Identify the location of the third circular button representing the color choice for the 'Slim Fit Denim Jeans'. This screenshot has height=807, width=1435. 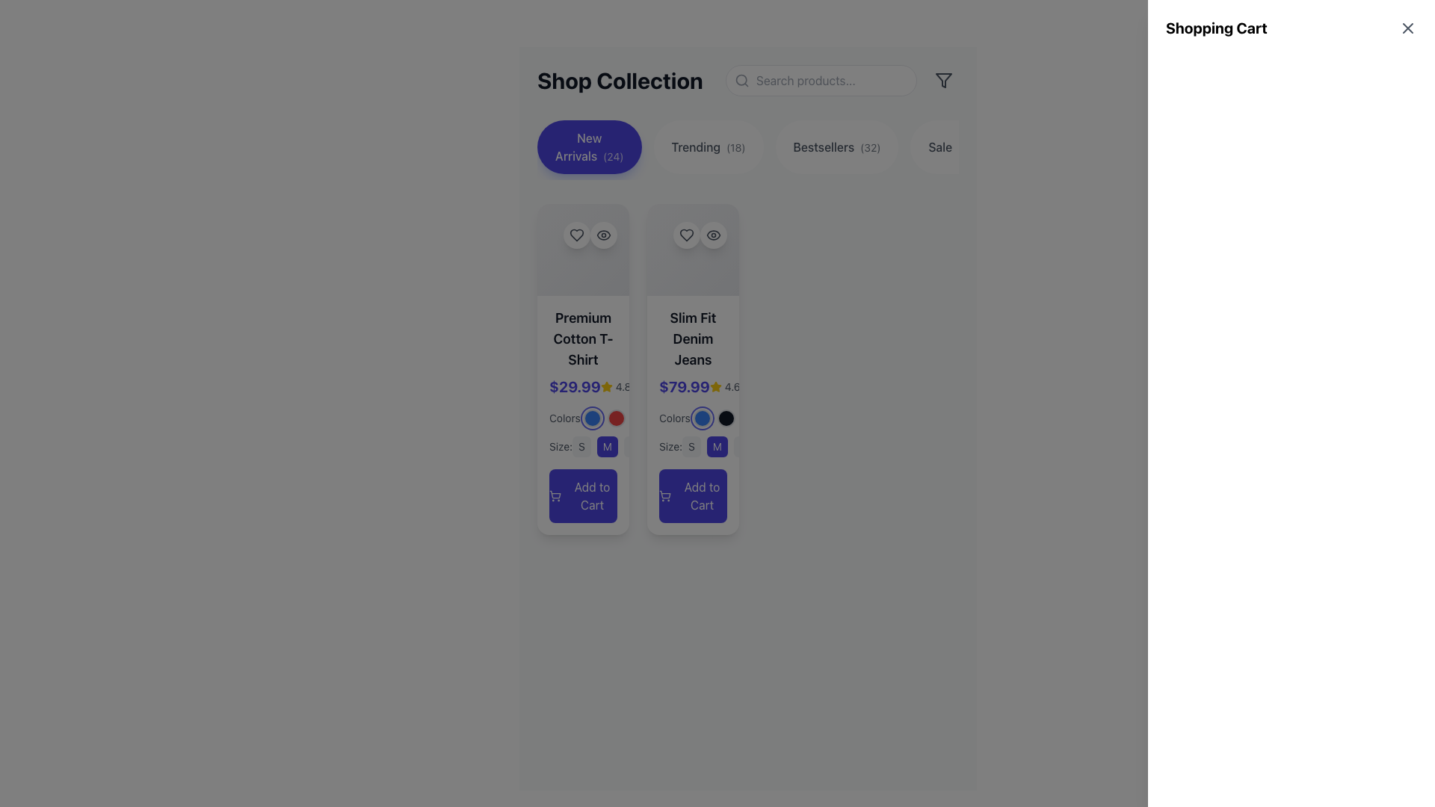
(640, 418).